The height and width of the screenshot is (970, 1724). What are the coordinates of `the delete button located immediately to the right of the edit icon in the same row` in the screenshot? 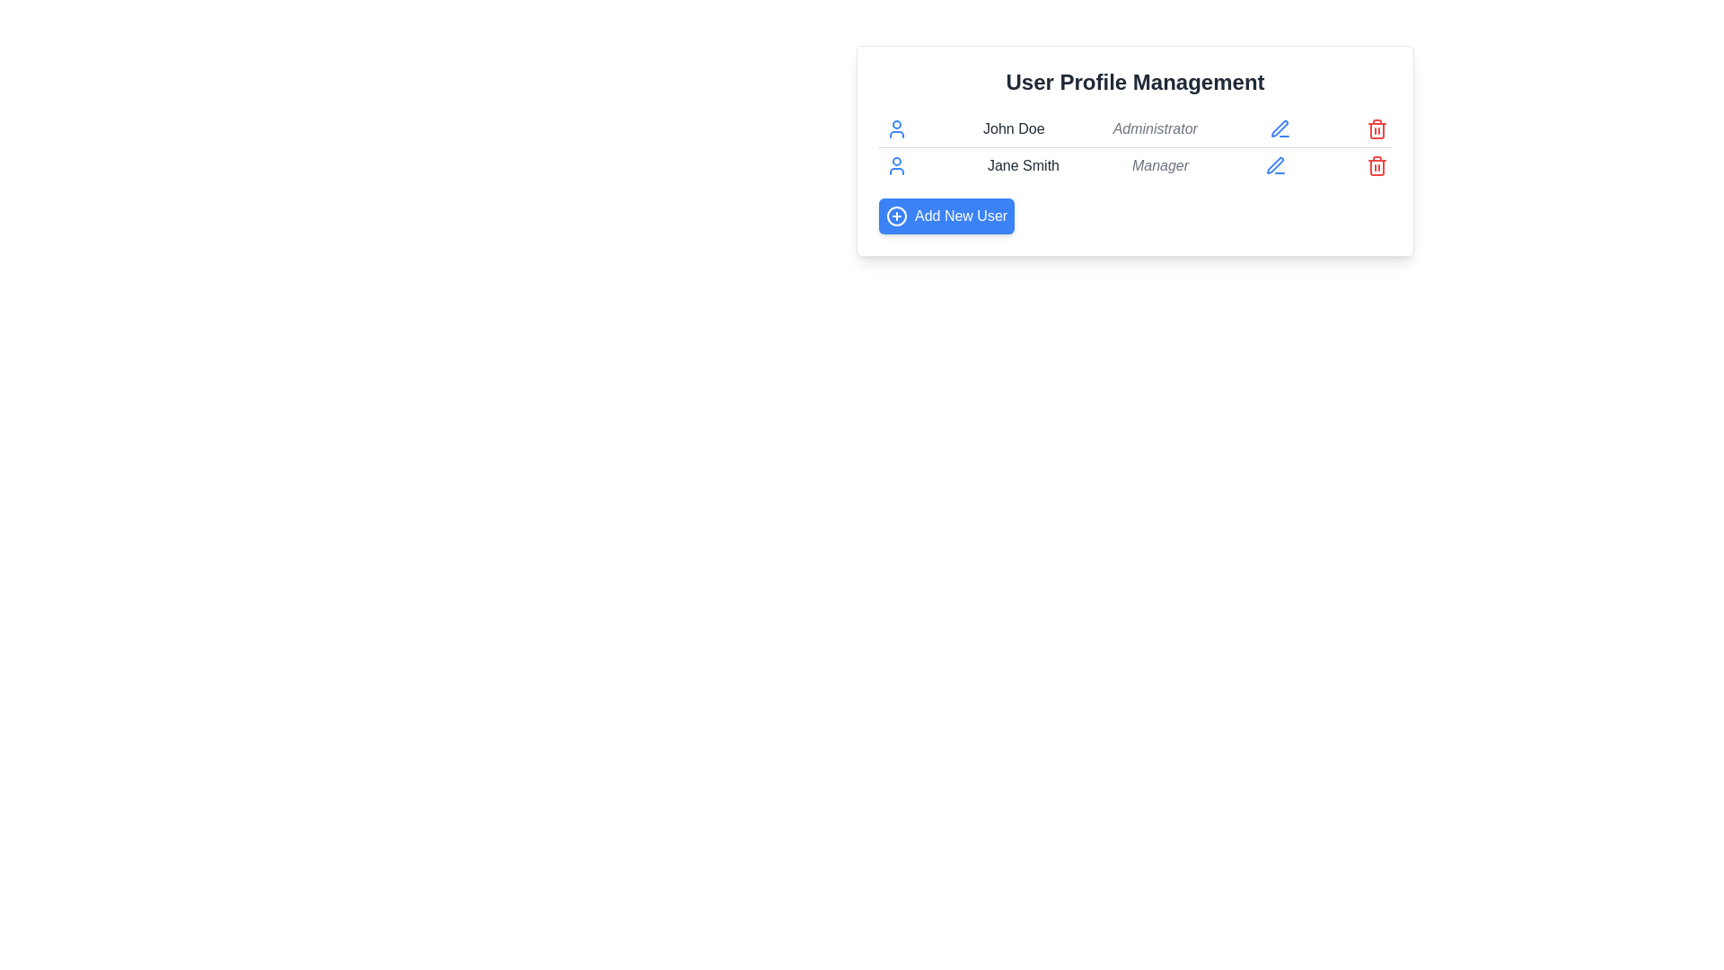 It's located at (1377, 128).